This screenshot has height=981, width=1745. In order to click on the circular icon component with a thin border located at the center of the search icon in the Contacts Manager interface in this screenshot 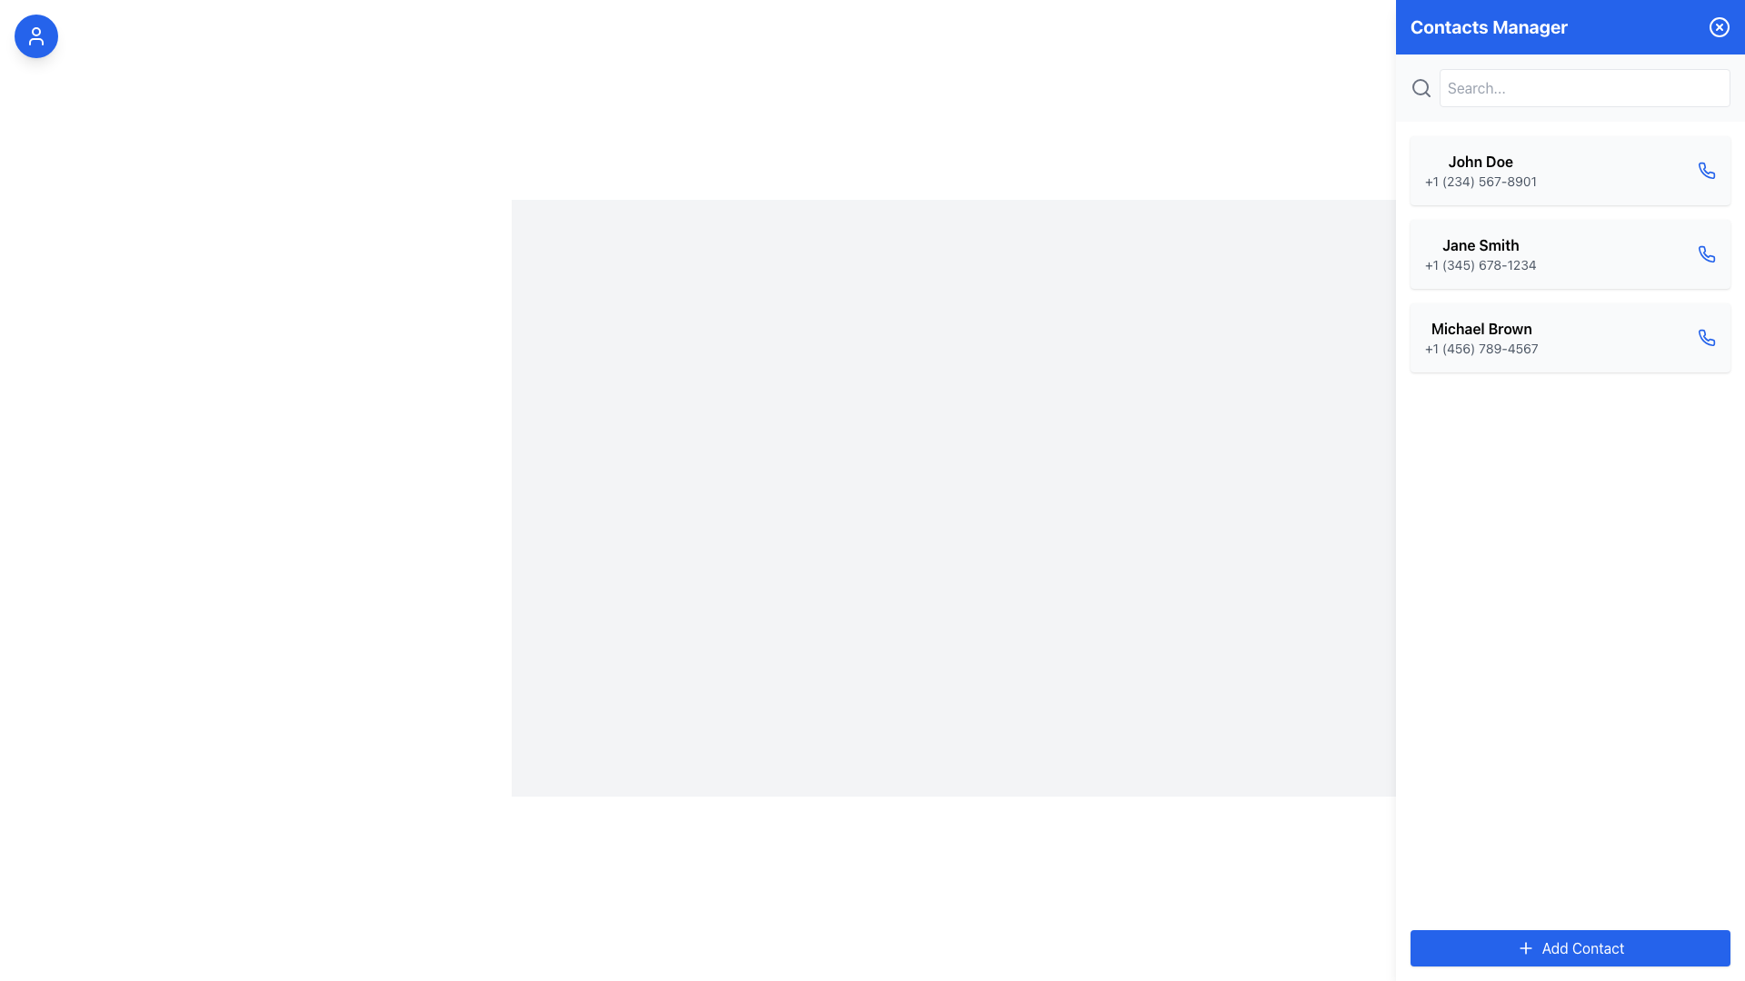, I will do `click(1420, 87)`.